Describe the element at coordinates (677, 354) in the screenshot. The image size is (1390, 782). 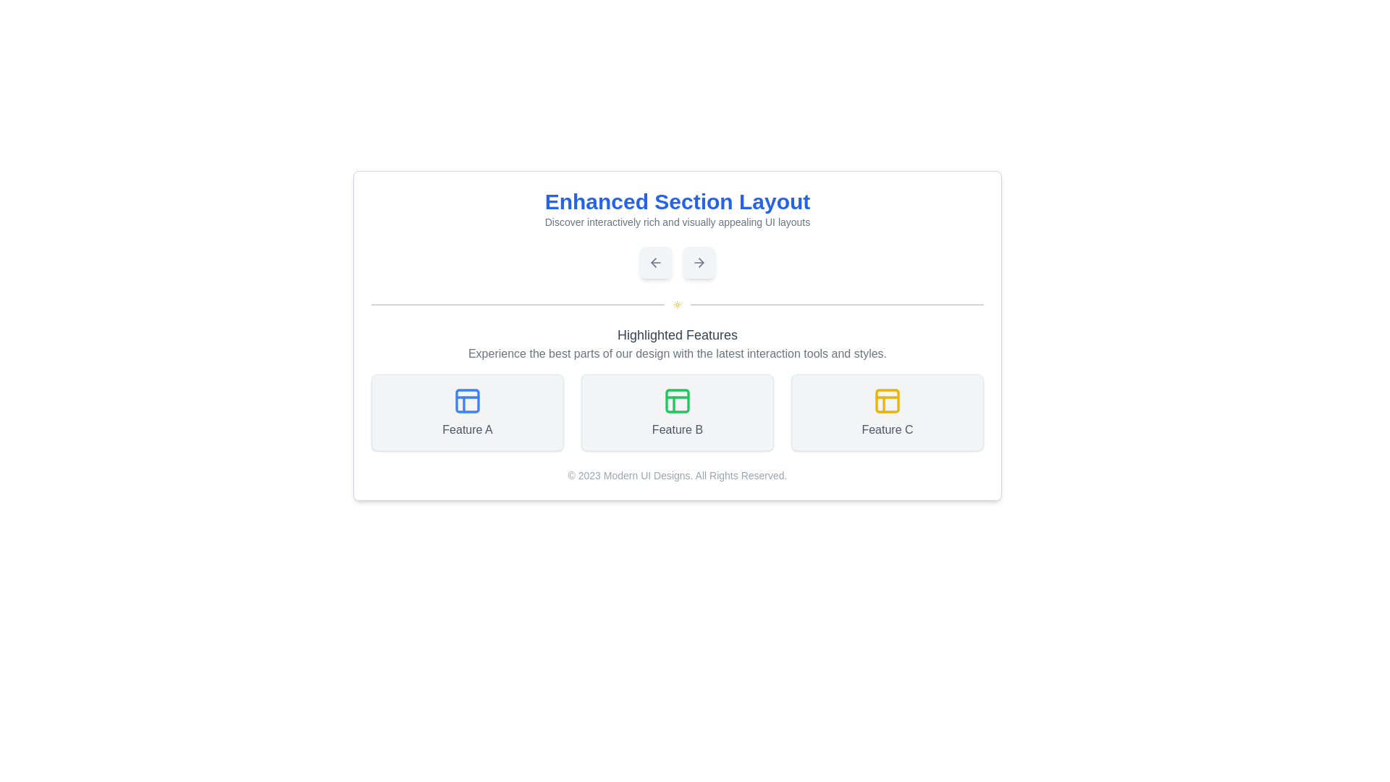
I see `the descriptive subtitle located below the title 'Highlighted Features' and above the section with features labeled Feature A, Feature B, and Feature C` at that location.